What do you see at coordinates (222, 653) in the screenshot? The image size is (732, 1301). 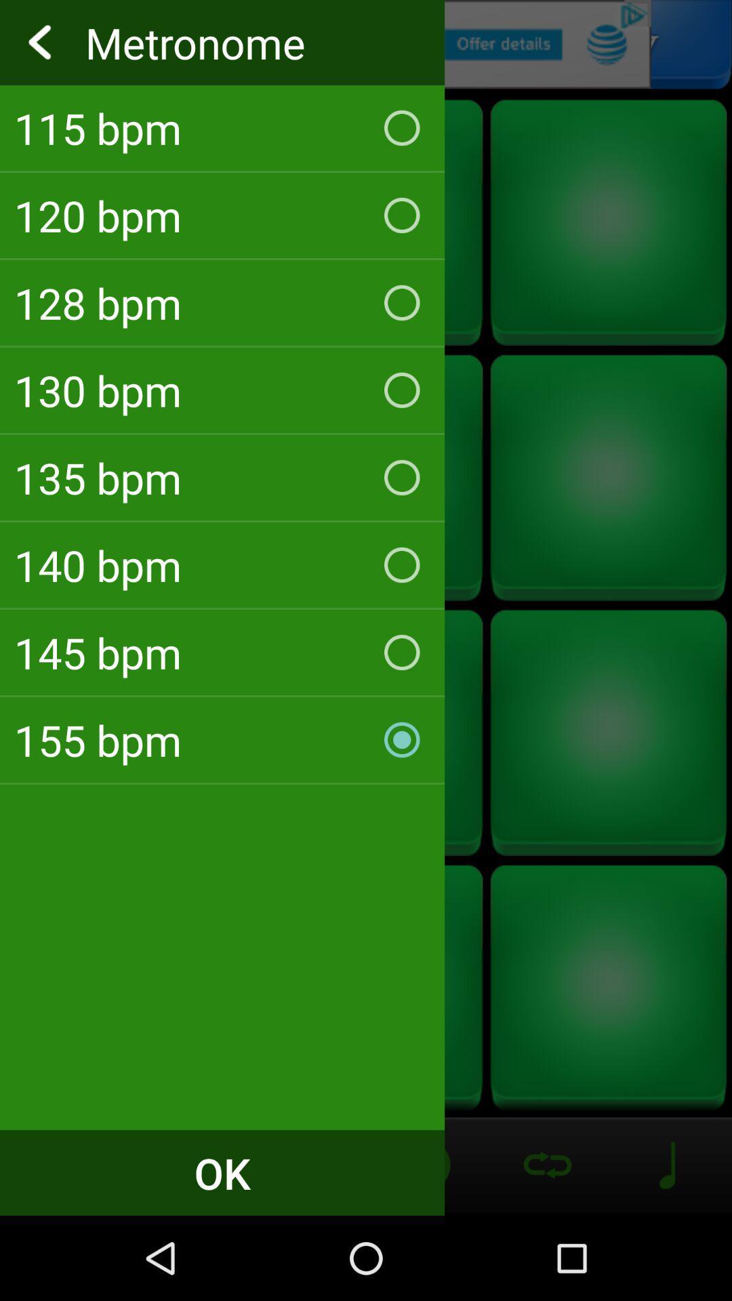 I see `the 145 bpm icon` at bounding box center [222, 653].